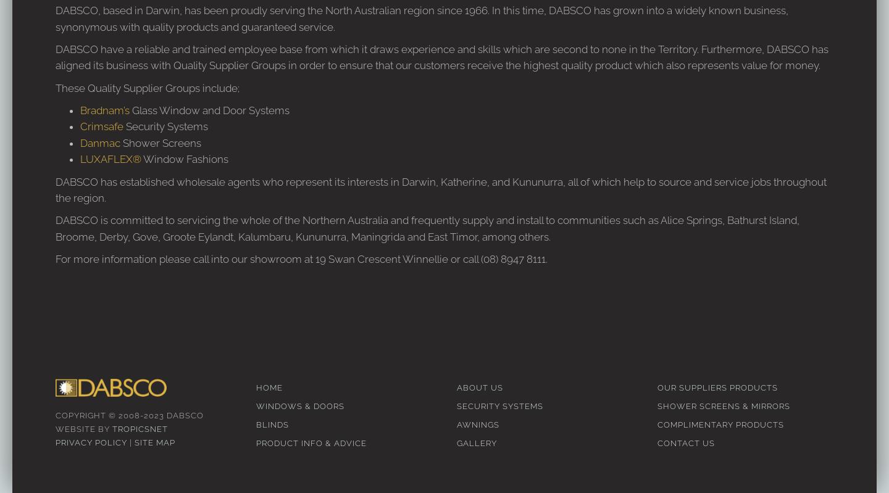  What do you see at coordinates (720, 425) in the screenshot?
I see `'Complimentary Products'` at bounding box center [720, 425].